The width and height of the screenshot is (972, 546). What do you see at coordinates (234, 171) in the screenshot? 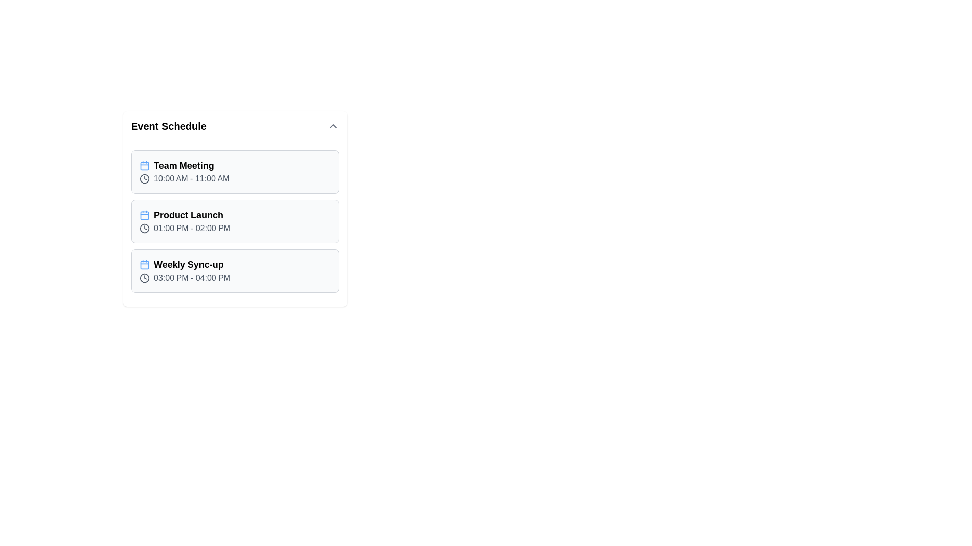
I see `the List Item element displaying 'Team Meeting' scheduled from '10:00 AM - 11:00 AM', which is the first entry under 'Event Schedule'` at bounding box center [234, 171].